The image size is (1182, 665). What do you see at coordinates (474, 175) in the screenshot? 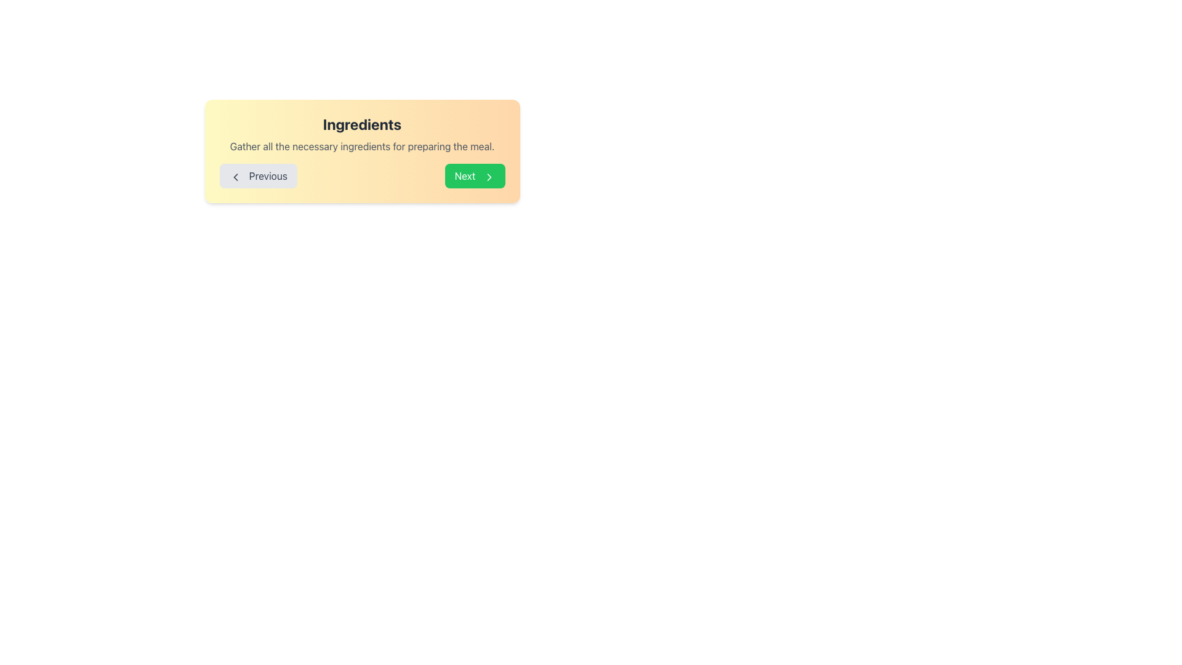
I see `the navigation button located at the bottom-right corner of the panel` at bounding box center [474, 175].